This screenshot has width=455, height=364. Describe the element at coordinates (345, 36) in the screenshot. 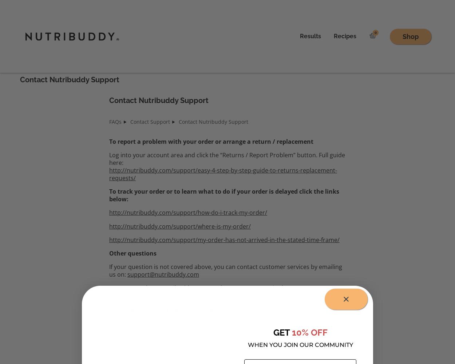

I see `'Recipes'` at that location.